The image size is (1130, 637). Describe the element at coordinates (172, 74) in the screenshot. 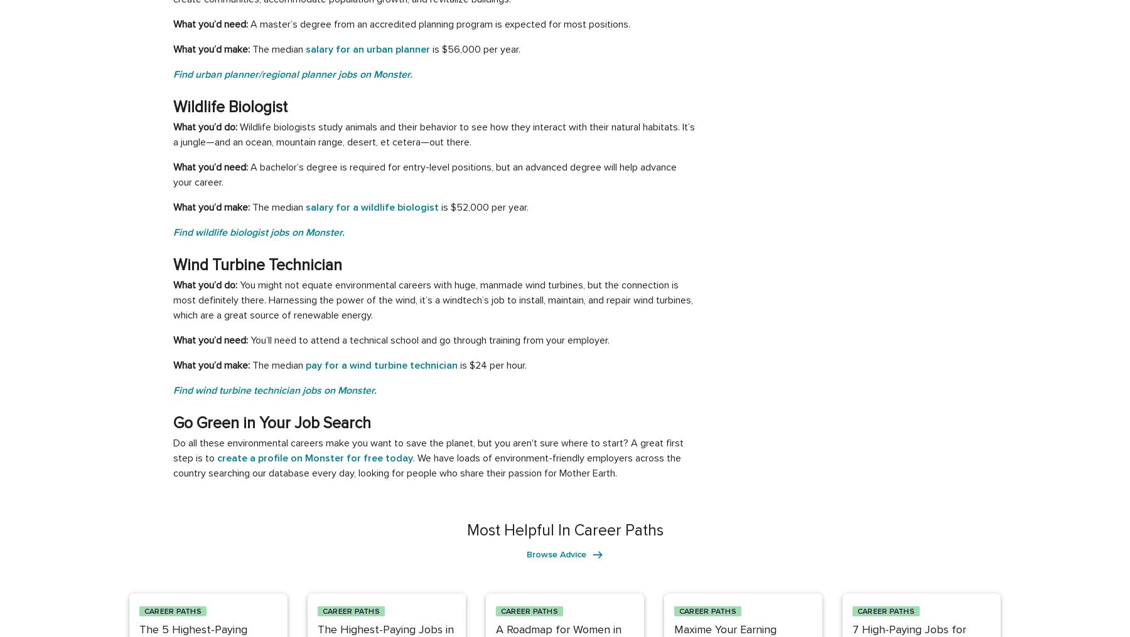

I see `'Find urban planner/regional planner jobs on Monster.'` at that location.